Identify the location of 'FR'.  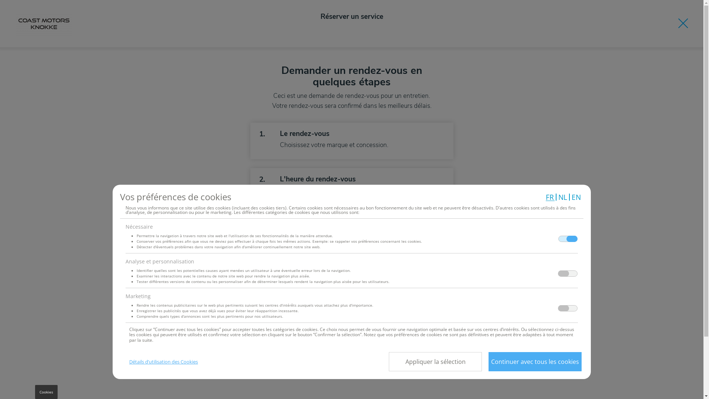
(550, 197).